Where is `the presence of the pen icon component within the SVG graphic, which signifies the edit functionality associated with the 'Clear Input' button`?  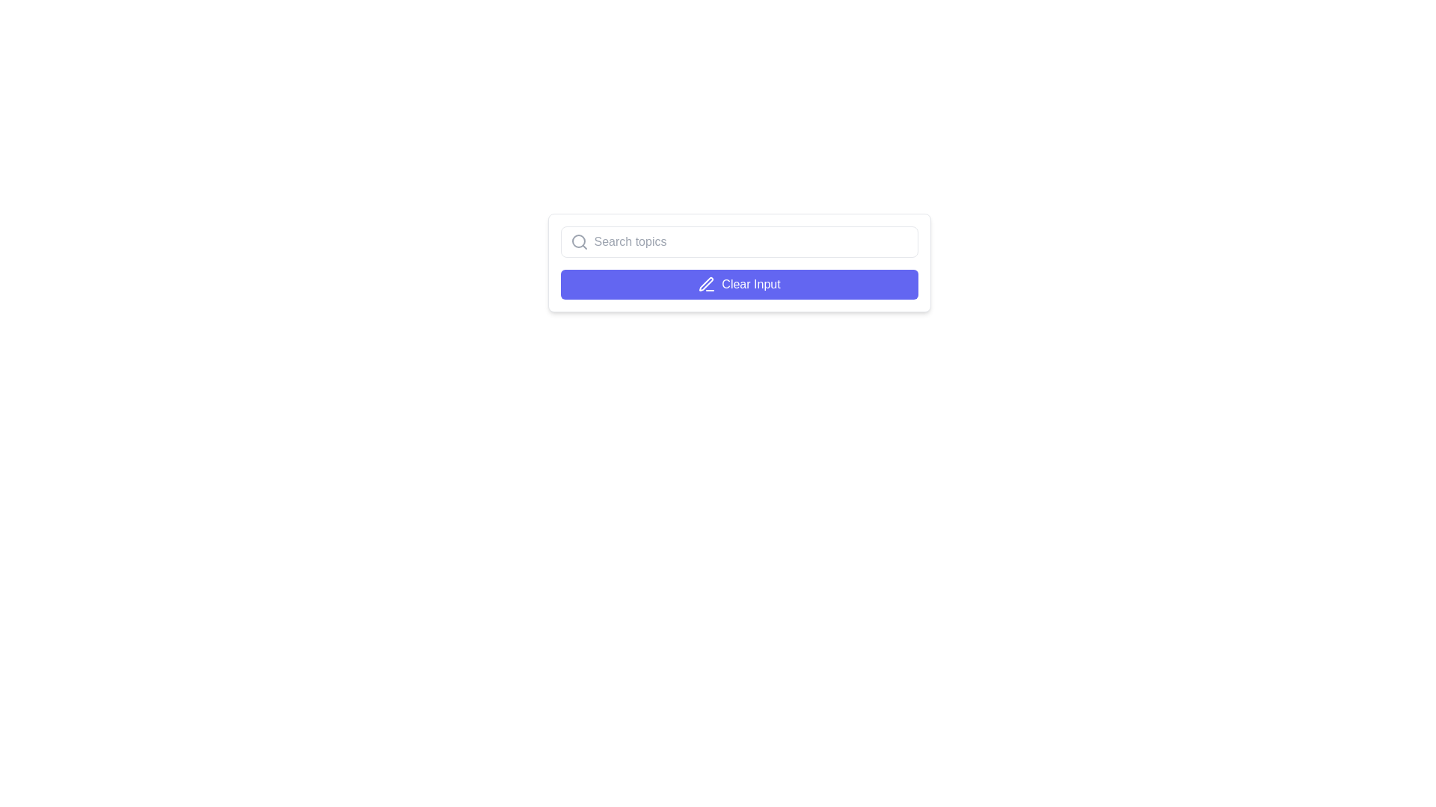
the presence of the pen icon component within the SVG graphic, which signifies the edit functionality associated with the 'Clear Input' button is located at coordinates (705, 284).